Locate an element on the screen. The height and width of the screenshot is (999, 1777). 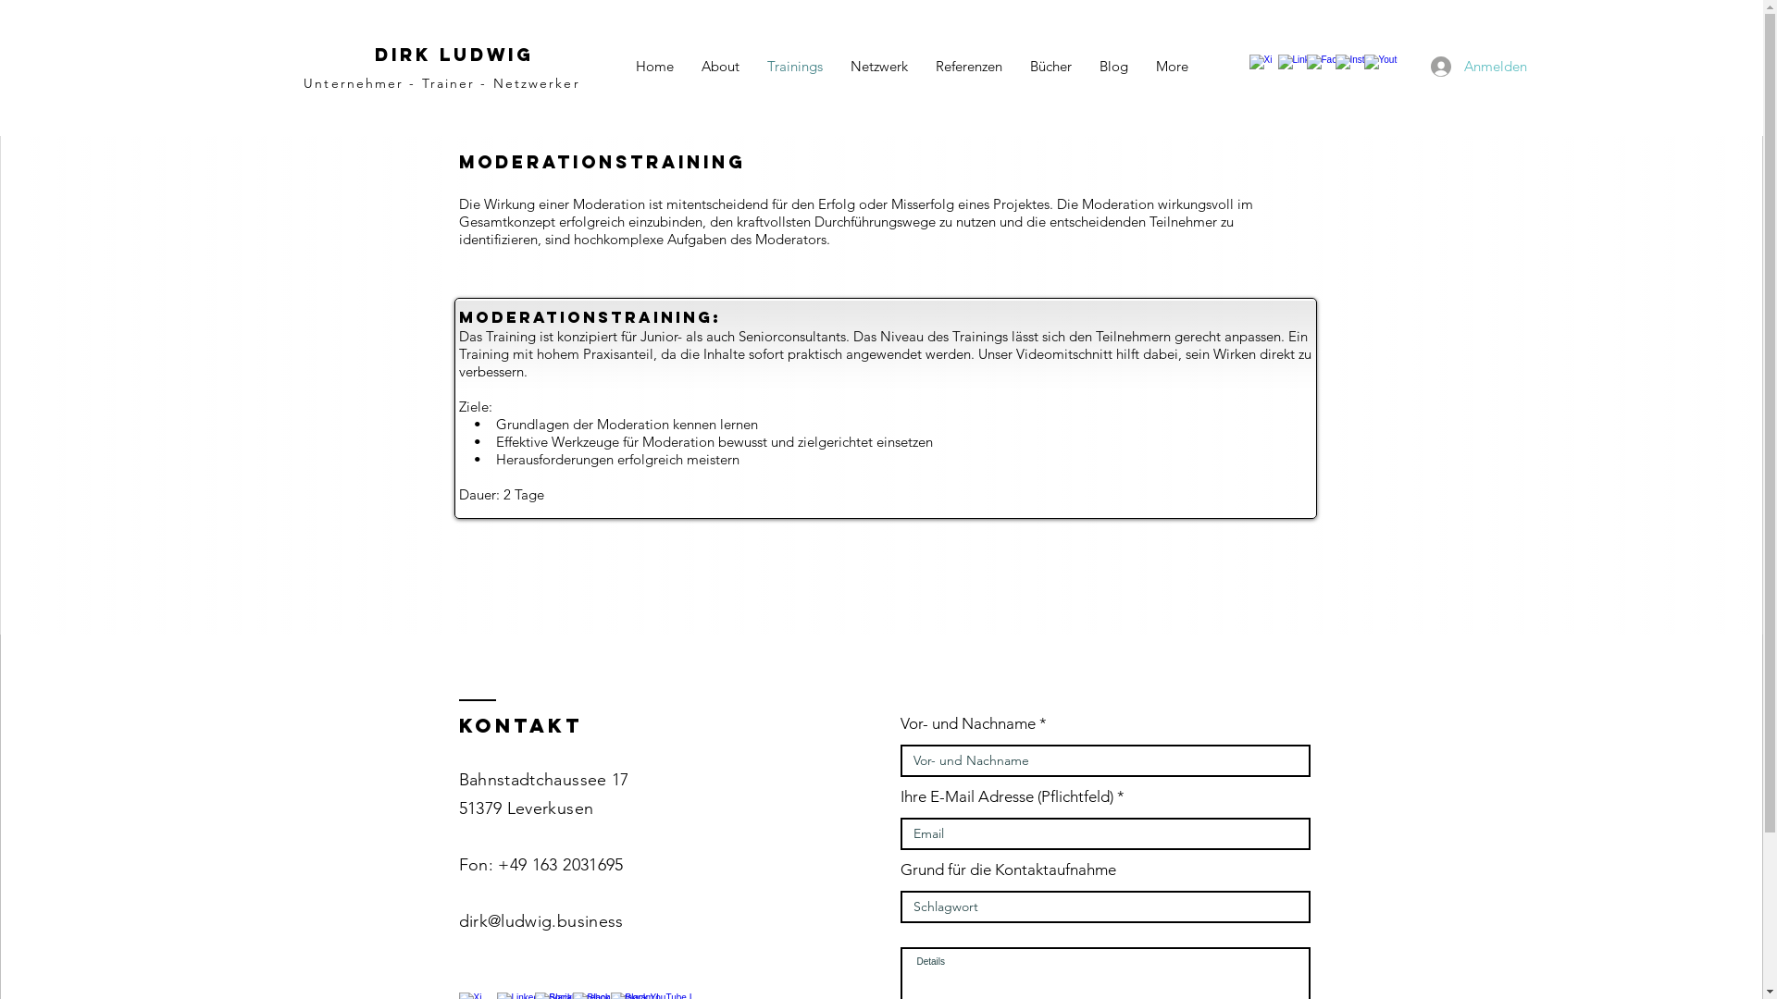
'dirk@ludwig.business' is located at coordinates (541, 920).